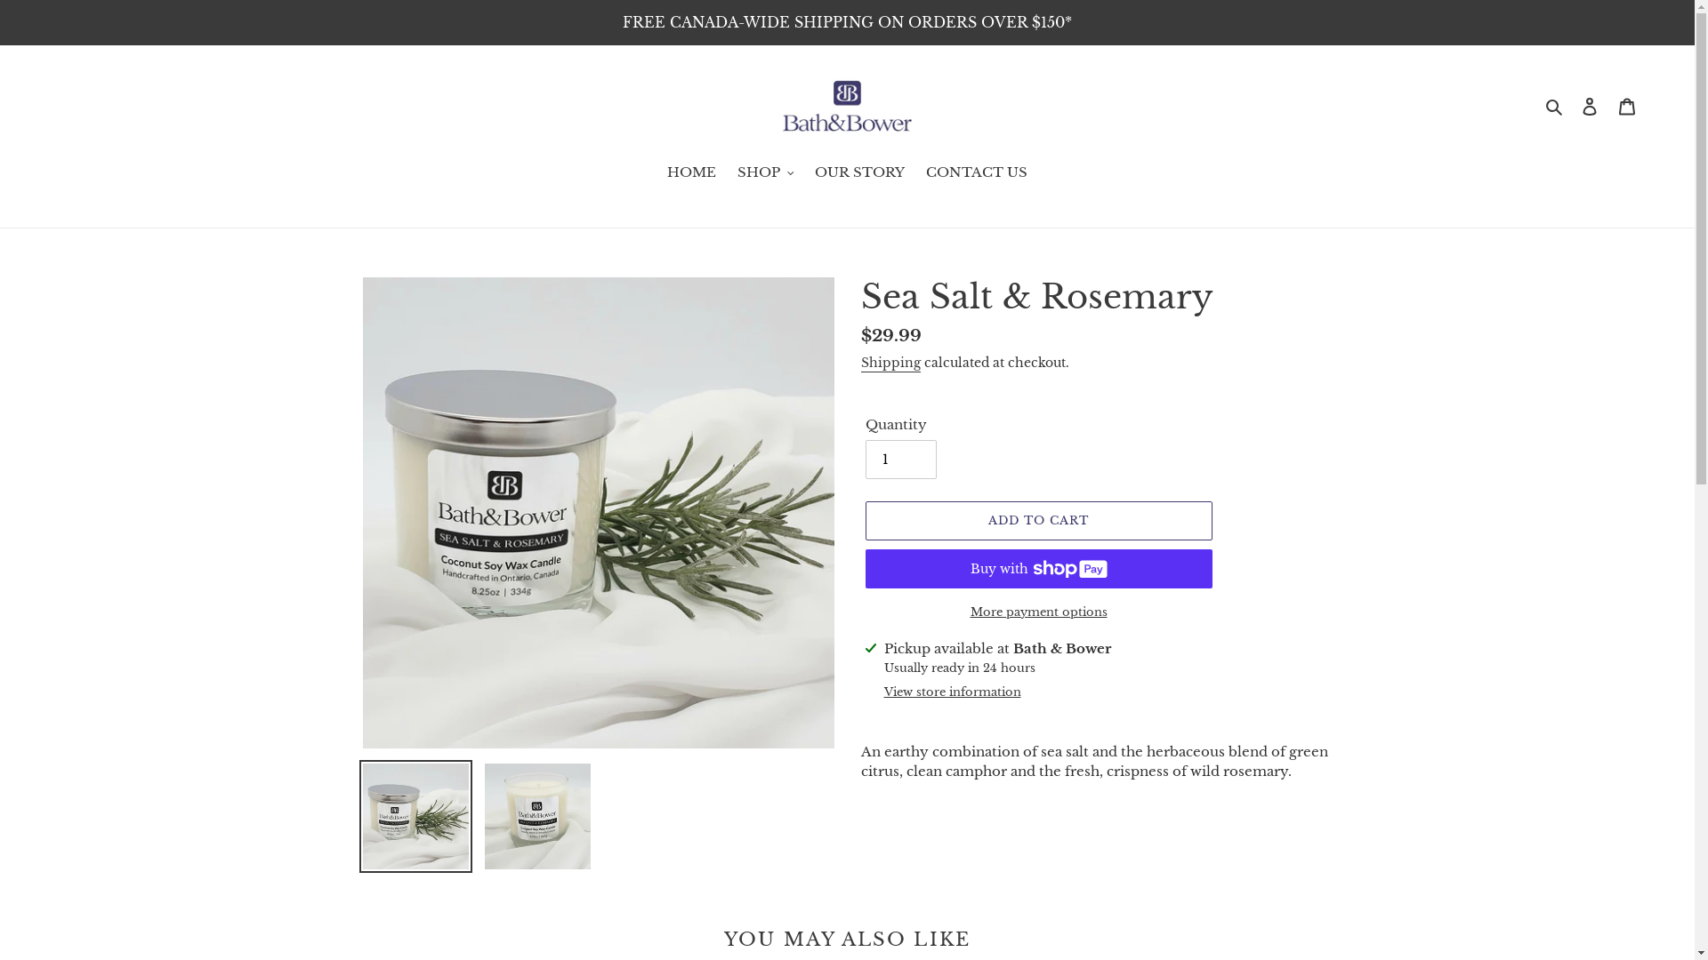 The image size is (1708, 960). I want to click on 'View store information', so click(951, 692).